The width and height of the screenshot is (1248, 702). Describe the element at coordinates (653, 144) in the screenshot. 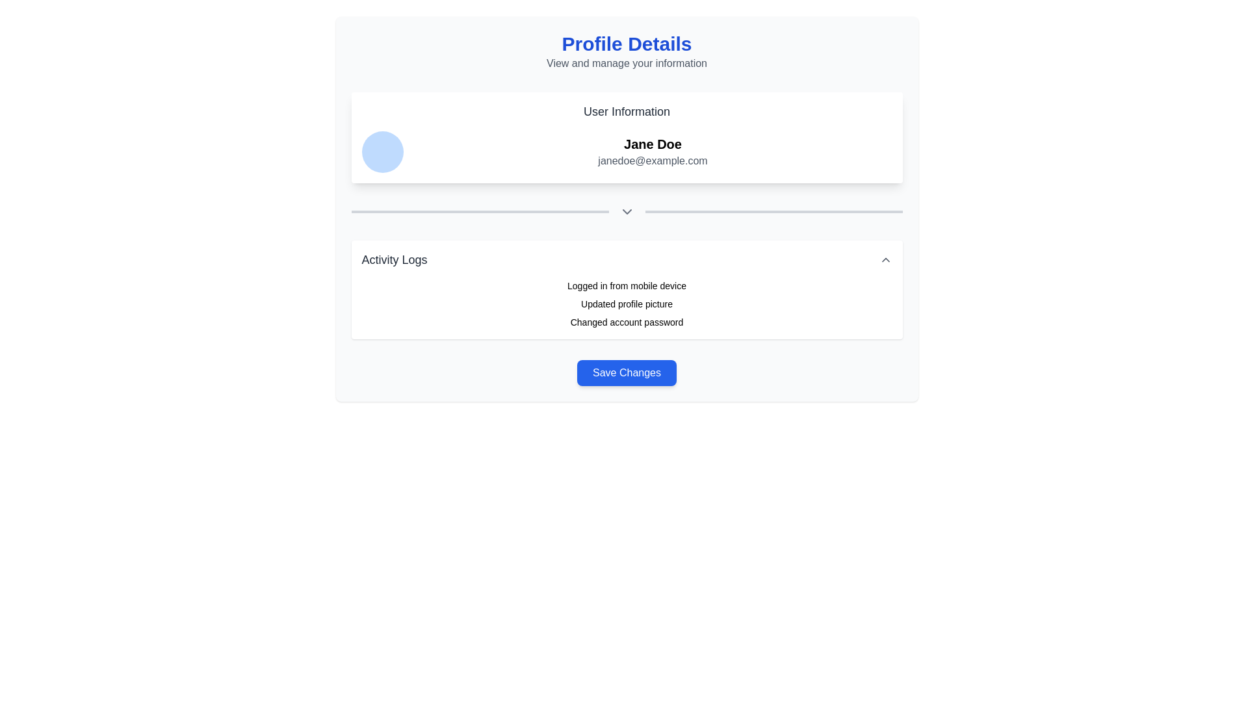

I see `the text block displaying 'Jane Doe', which is styled in bold and larger than surrounding text, located at the top center of the user information section` at that location.